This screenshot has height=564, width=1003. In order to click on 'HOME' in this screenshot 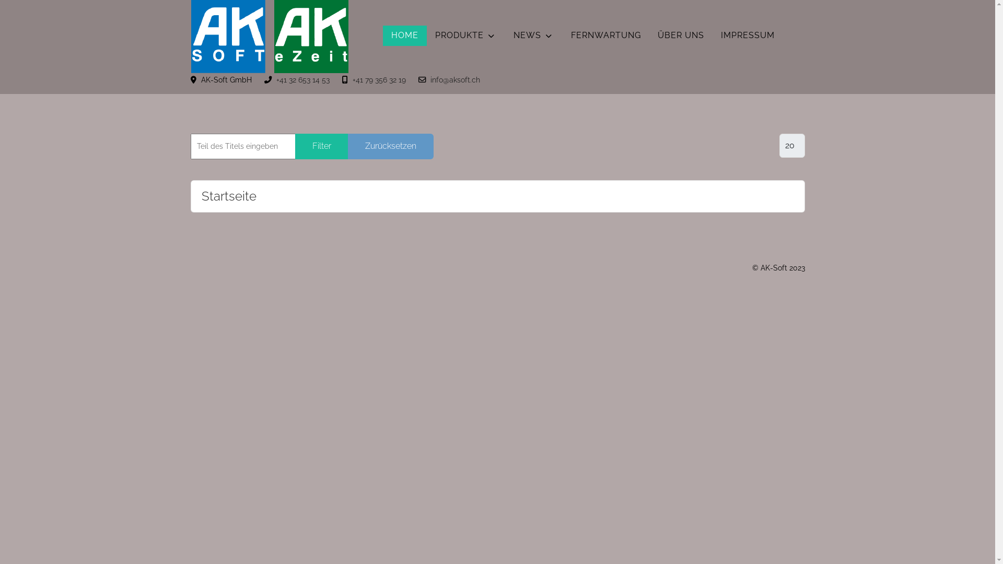, I will do `click(403, 35)`.